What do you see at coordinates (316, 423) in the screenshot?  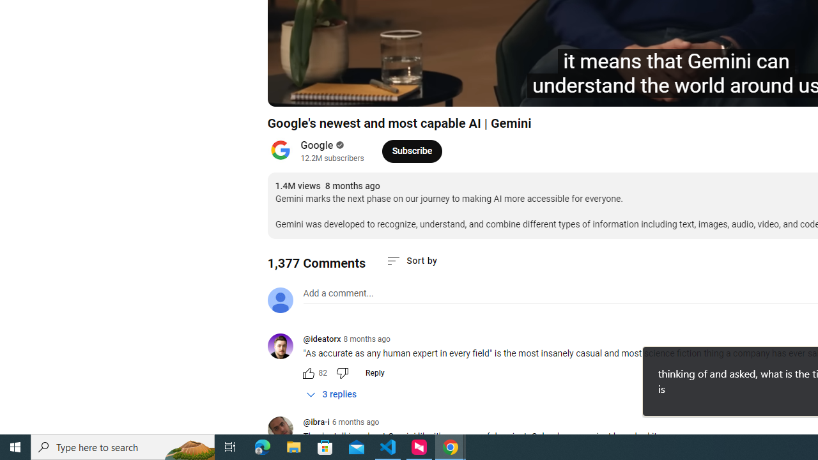 I see `'@ibra-i'` at bounding box center [316, 423].